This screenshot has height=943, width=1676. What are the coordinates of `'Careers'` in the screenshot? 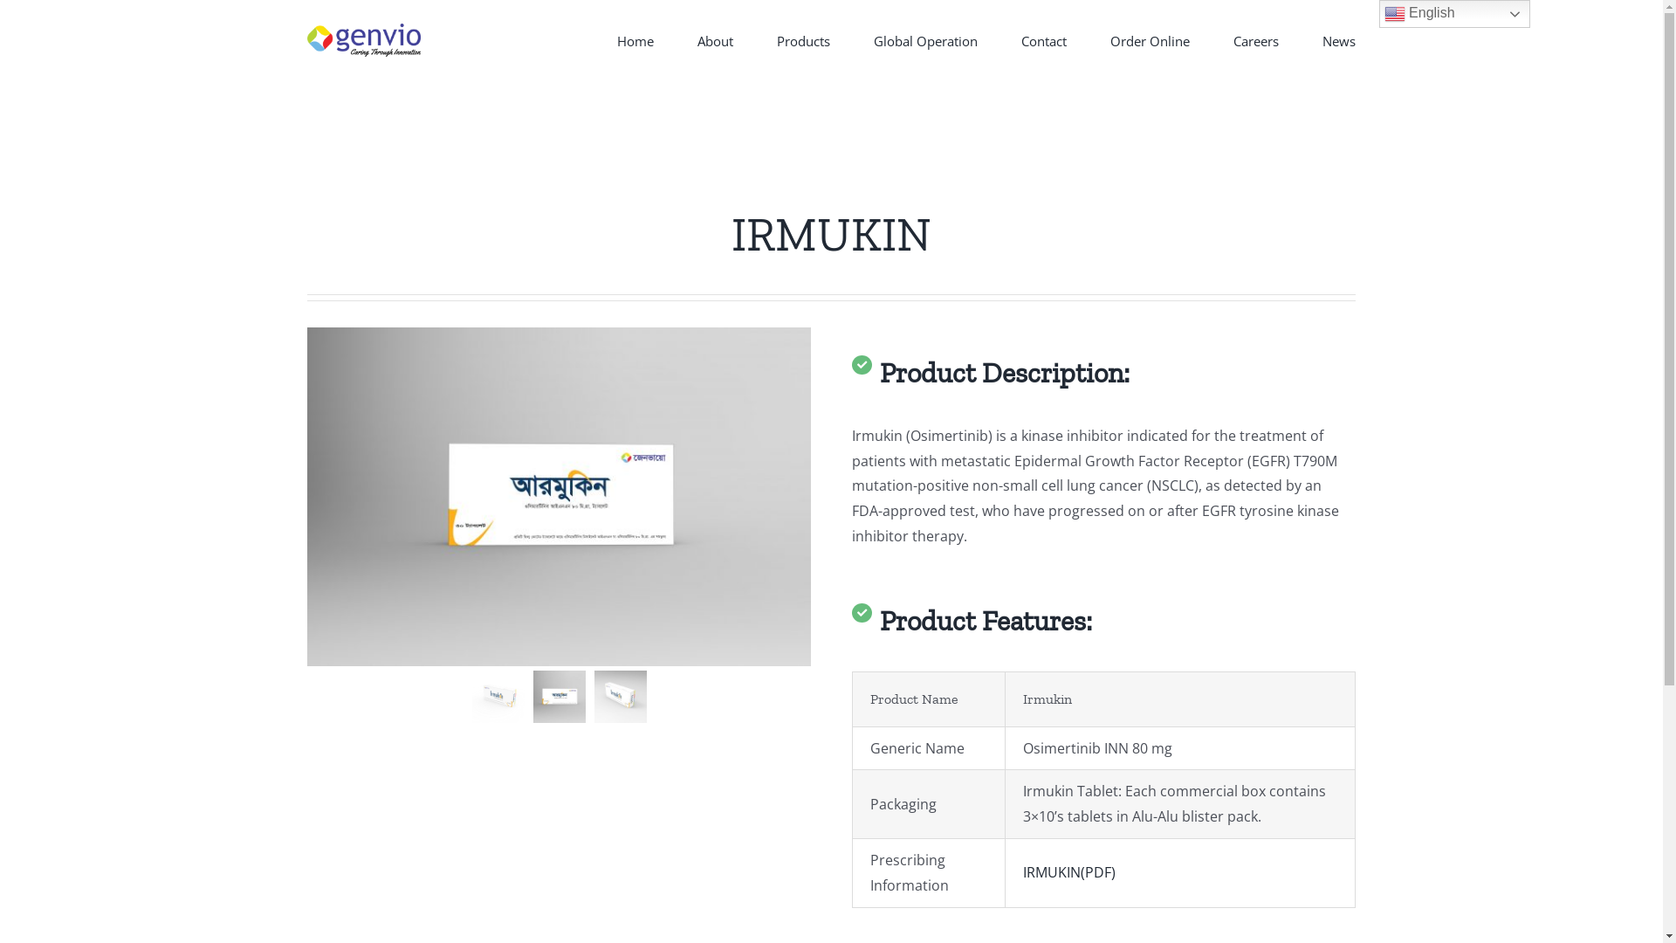 It's located at (1255, 39).